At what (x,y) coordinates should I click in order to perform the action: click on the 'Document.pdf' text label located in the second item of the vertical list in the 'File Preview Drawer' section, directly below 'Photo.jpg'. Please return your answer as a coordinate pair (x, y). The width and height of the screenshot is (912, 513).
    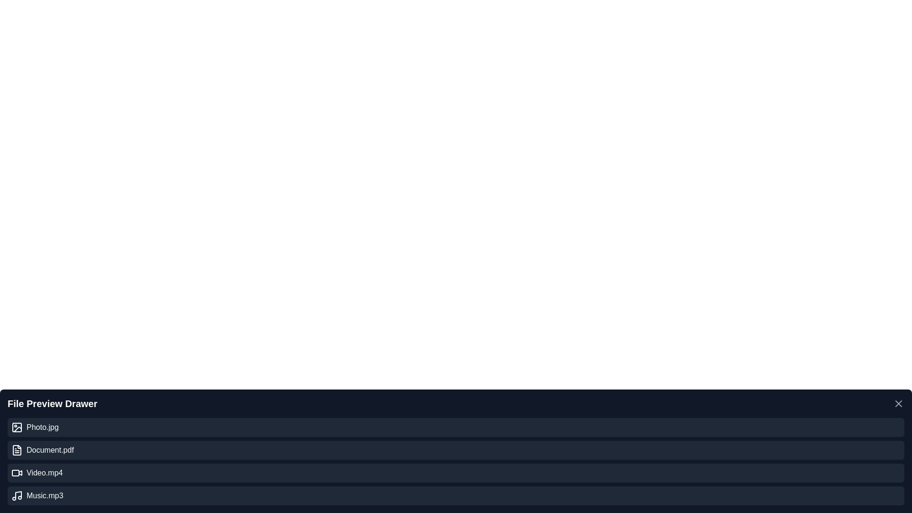
    Looking at the image, I should click on (49, 450).